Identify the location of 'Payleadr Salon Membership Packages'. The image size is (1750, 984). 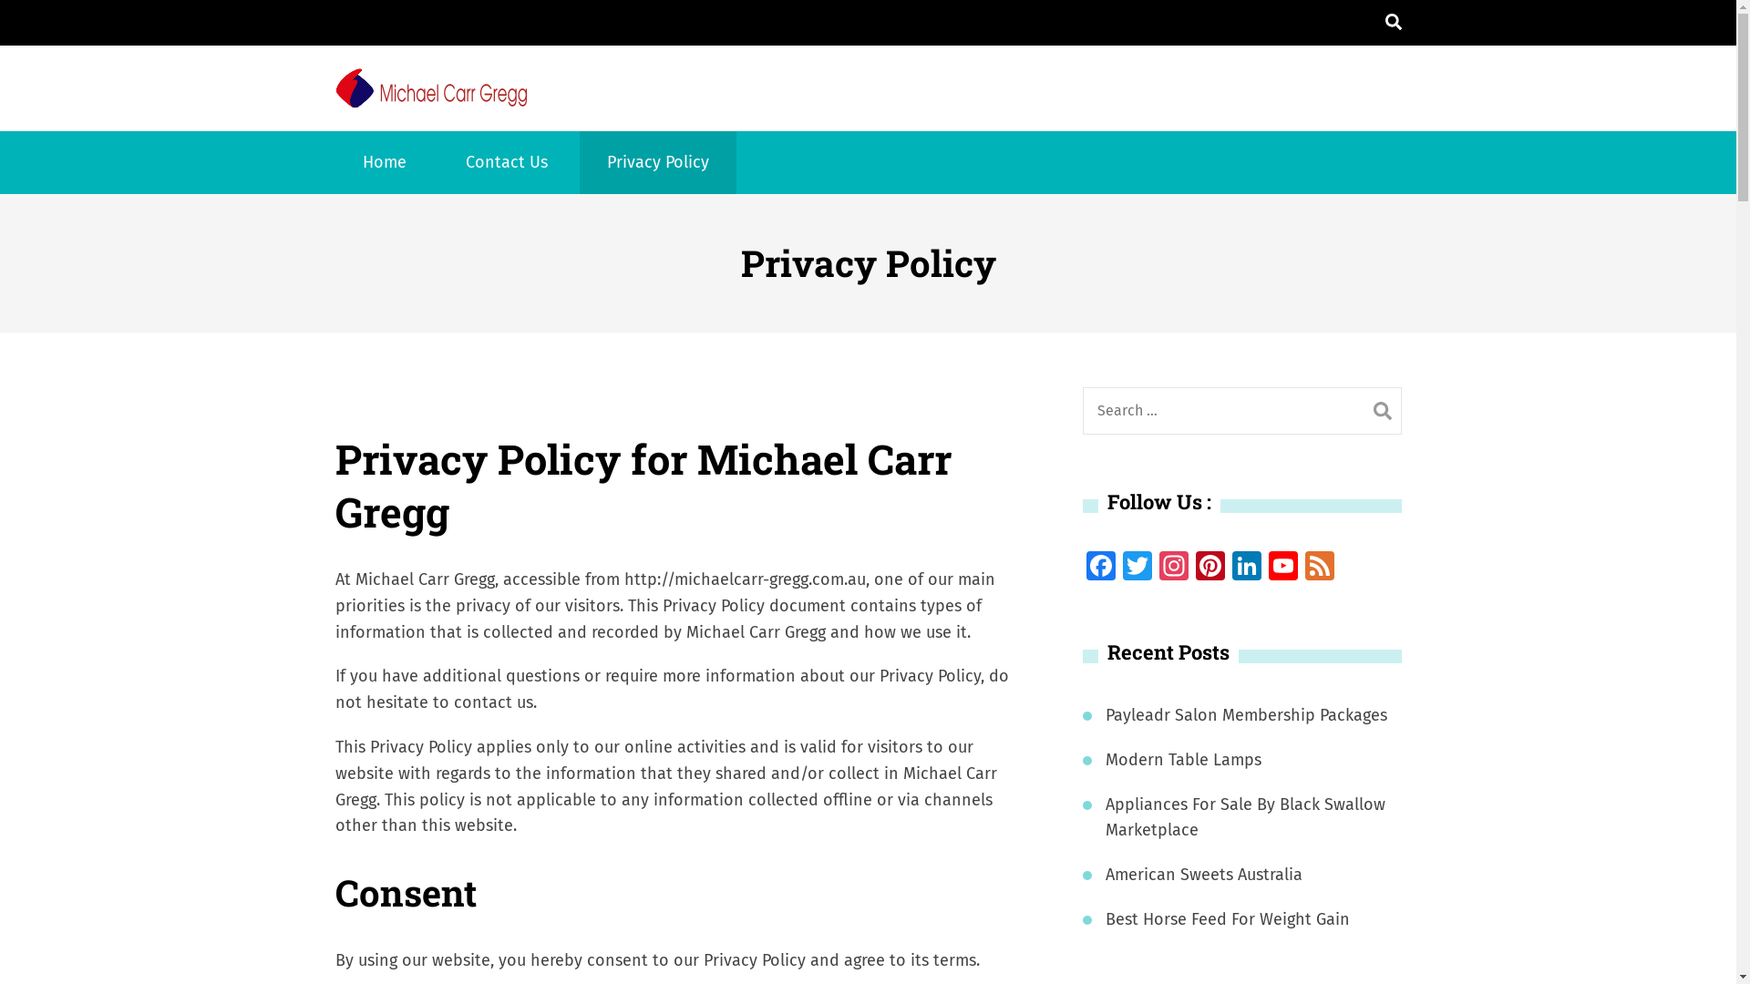
(1244, 714).